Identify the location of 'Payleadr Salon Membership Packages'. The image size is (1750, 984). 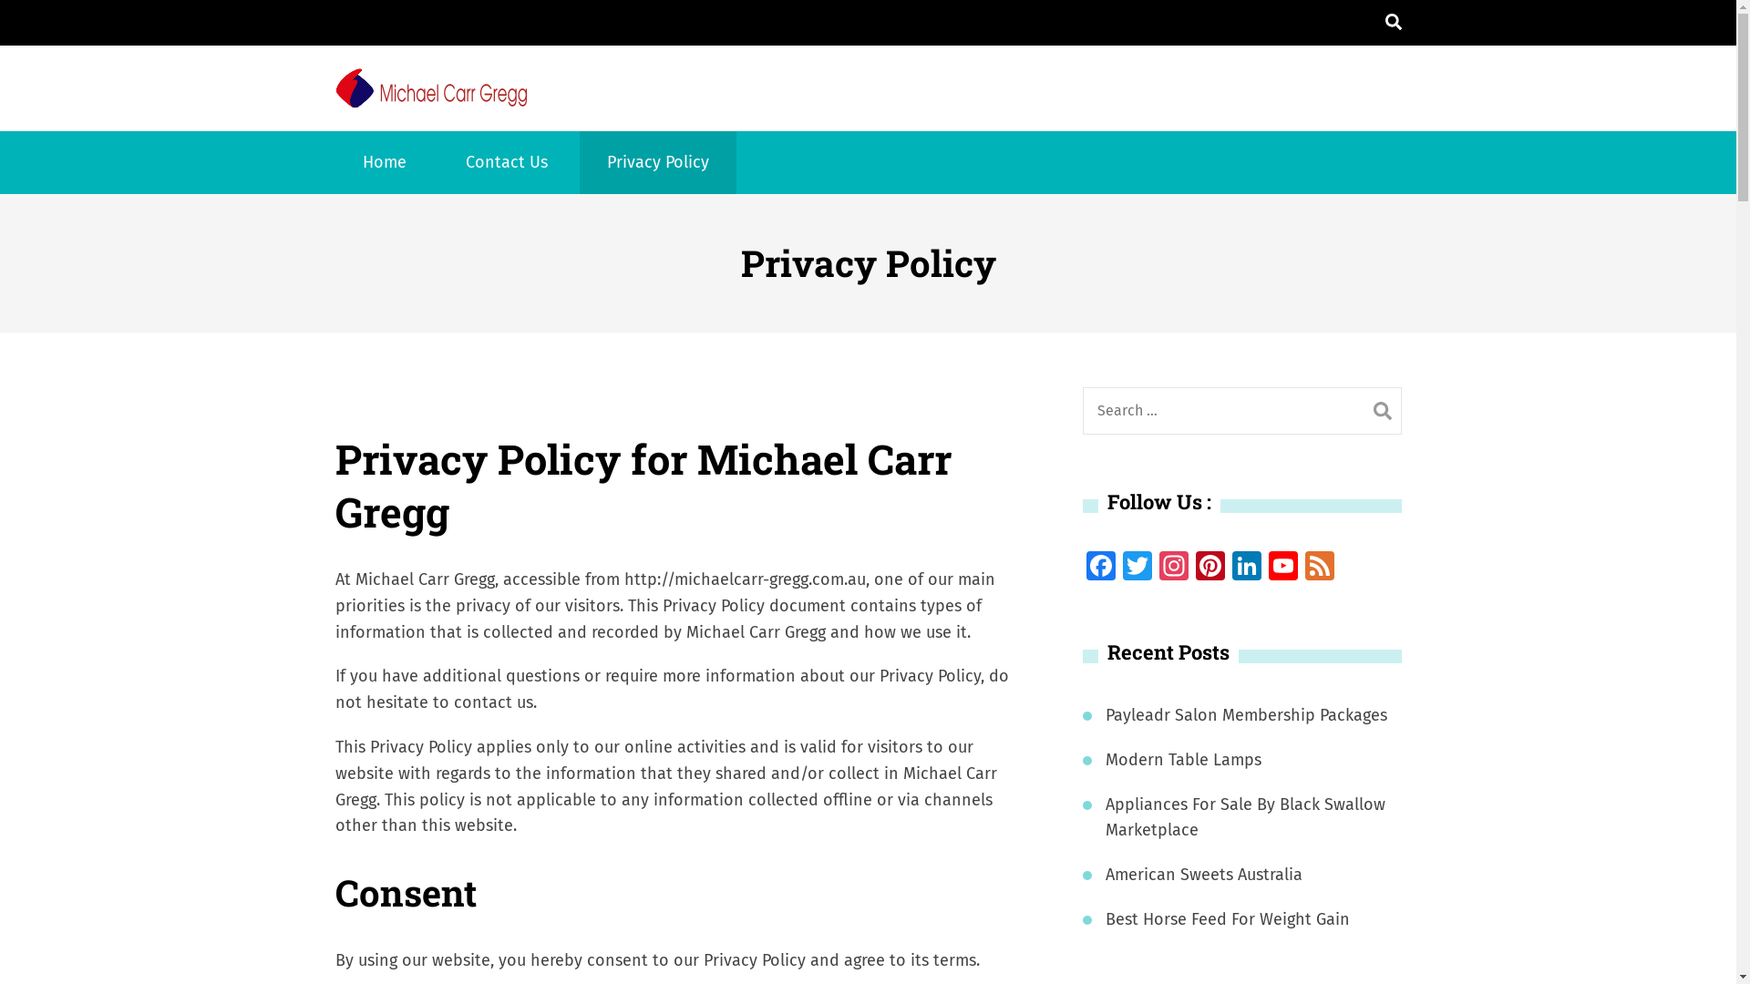
(1244, 714).